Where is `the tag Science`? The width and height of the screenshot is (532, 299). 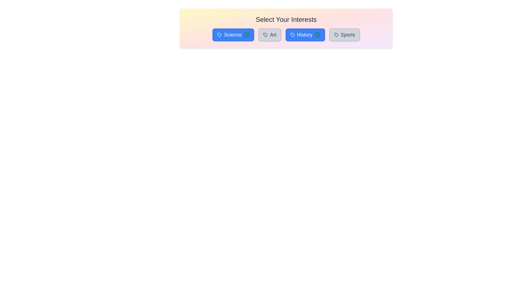
the tag Science is located at coordinates (233, 35).